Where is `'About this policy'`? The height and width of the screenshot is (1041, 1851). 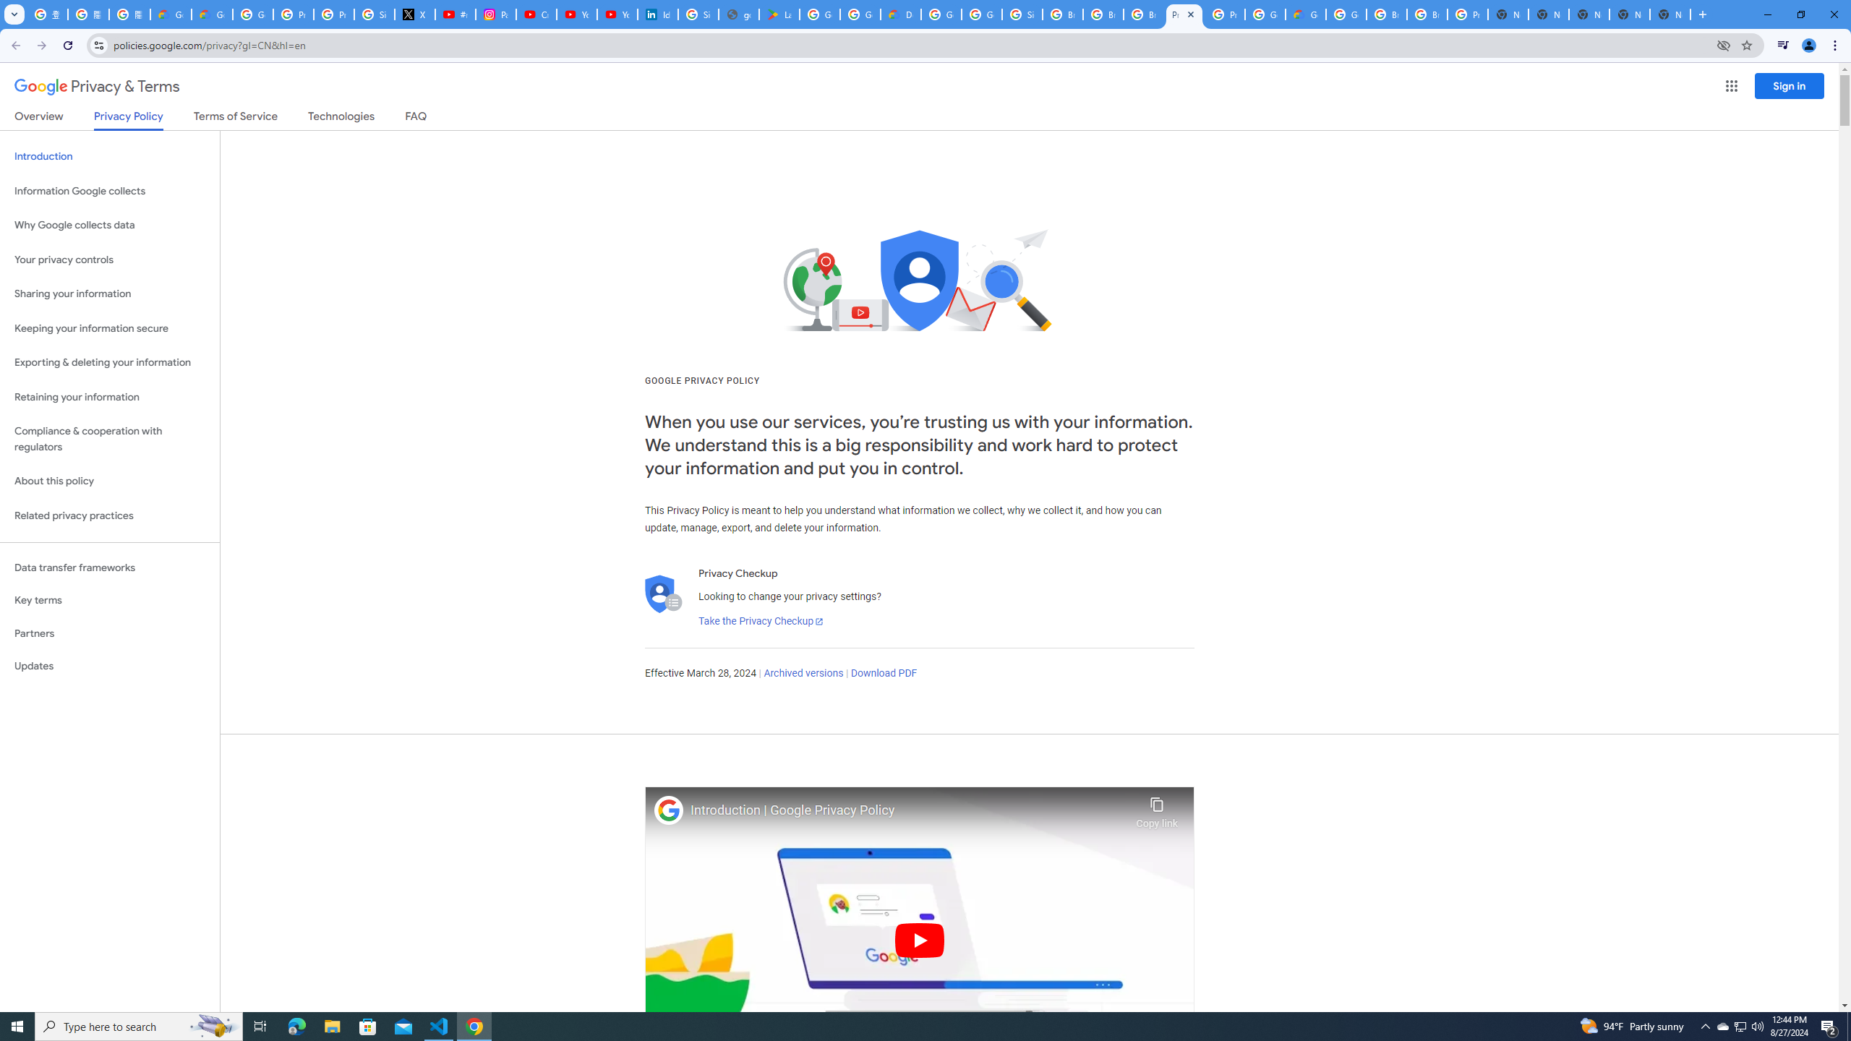 'About this policy' is located at coordinates (109, 481).